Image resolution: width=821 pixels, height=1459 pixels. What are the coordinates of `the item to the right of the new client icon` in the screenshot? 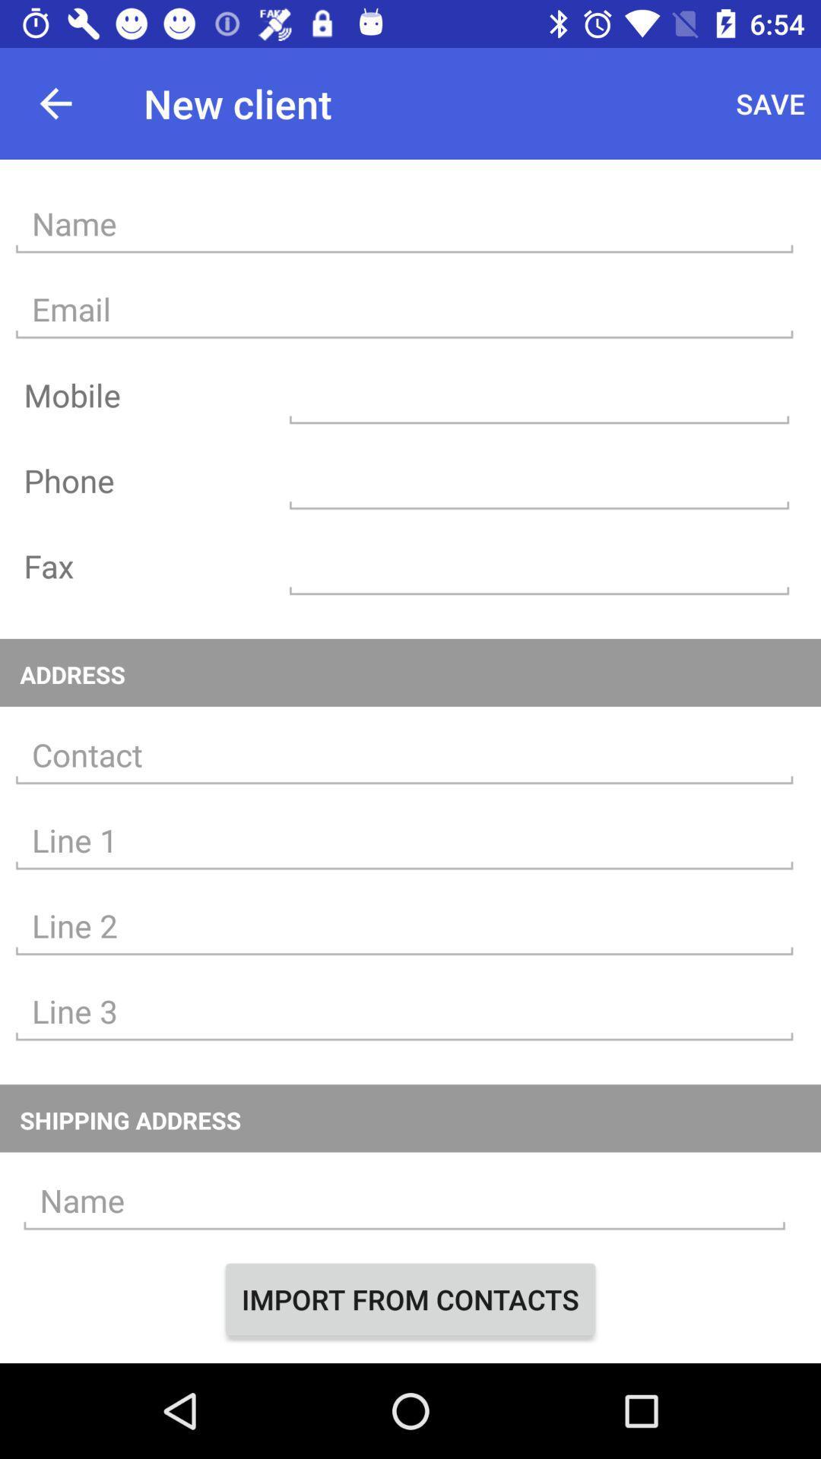 It's located at (770, 103).